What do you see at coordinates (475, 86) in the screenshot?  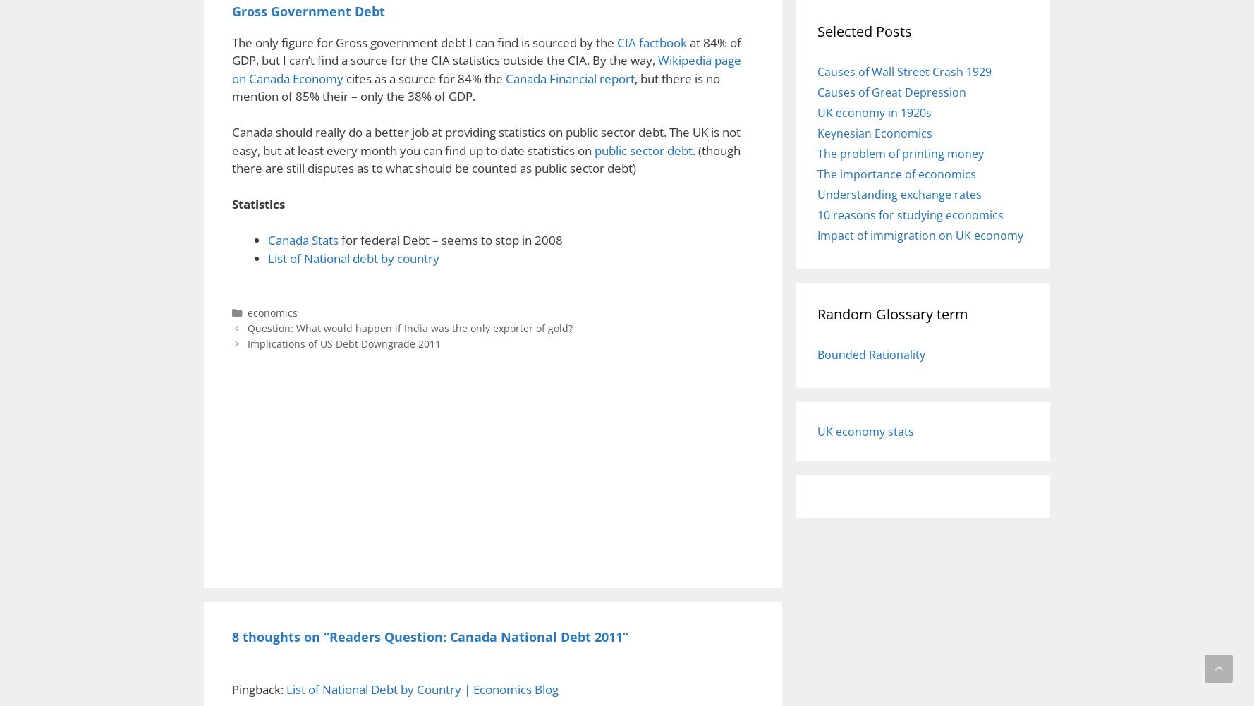 I see `', but there is no mention of 85% their – only the 38% of GDP.'` at bounding box center [475, 86].